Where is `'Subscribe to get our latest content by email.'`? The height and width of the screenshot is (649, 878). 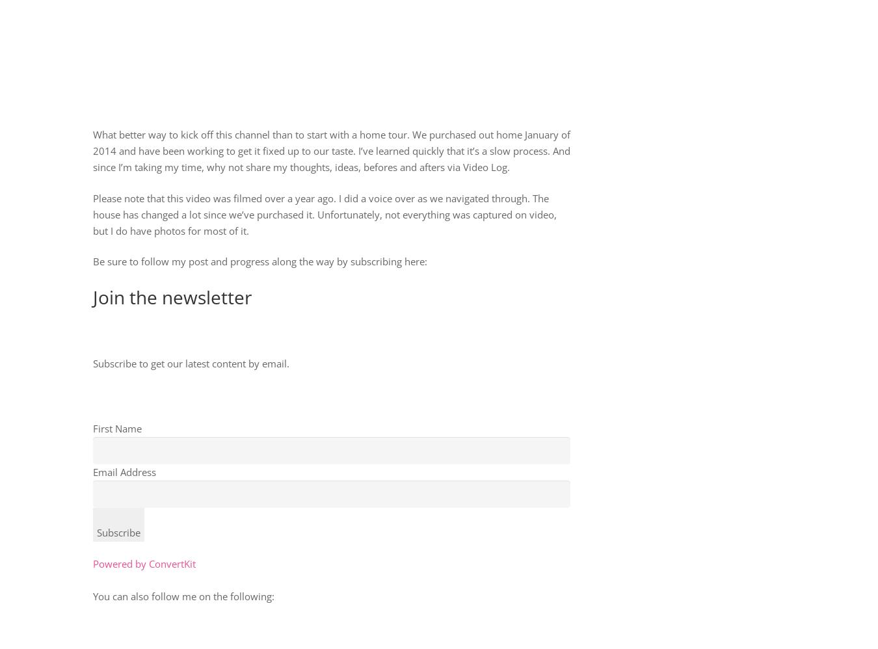
'Subscribe to get our latest content by email.' is located at coordinates (92, 362).